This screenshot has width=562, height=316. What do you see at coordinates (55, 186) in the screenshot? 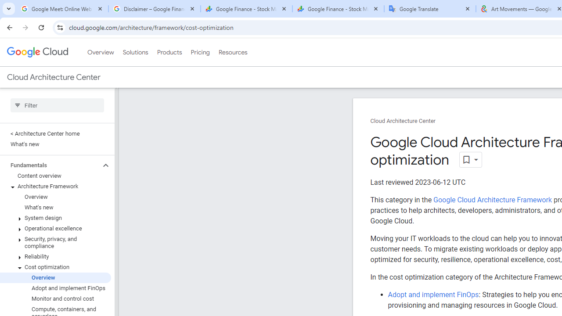
I see `'Architecture Framework'` at bounding box center [55, 186].